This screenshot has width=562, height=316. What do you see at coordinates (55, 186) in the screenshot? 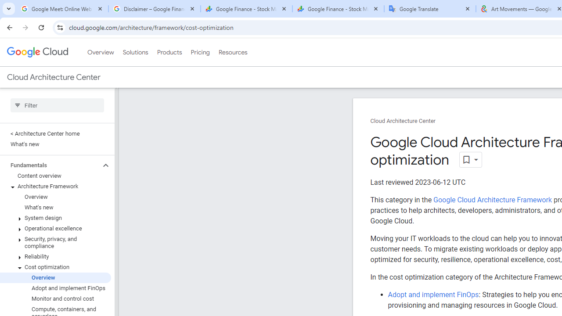
I see `'Architecture Framework'` at bounding box center [55, 186].